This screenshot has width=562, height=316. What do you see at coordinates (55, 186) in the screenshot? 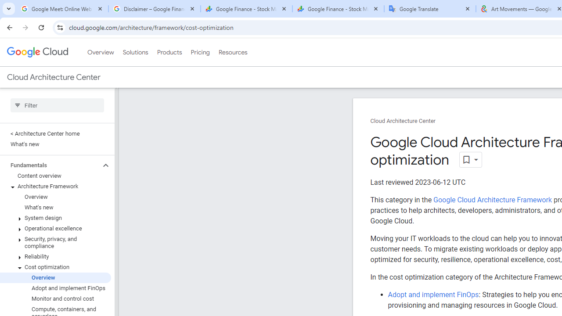
I see `'Architecture Framework'` at bounding box center [55, 186].